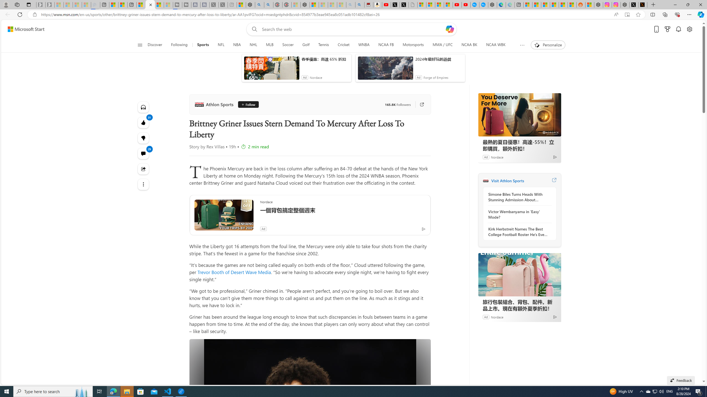 The image size is (707, 397). I want to click on 'Restore', so click(688, 4).